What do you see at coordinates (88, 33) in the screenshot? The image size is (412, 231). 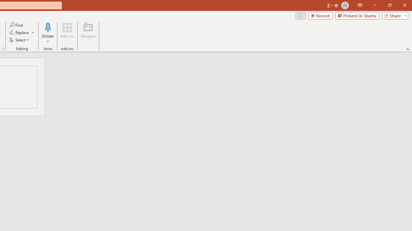 I see `'Designer'` at bounding box center [88, 33].